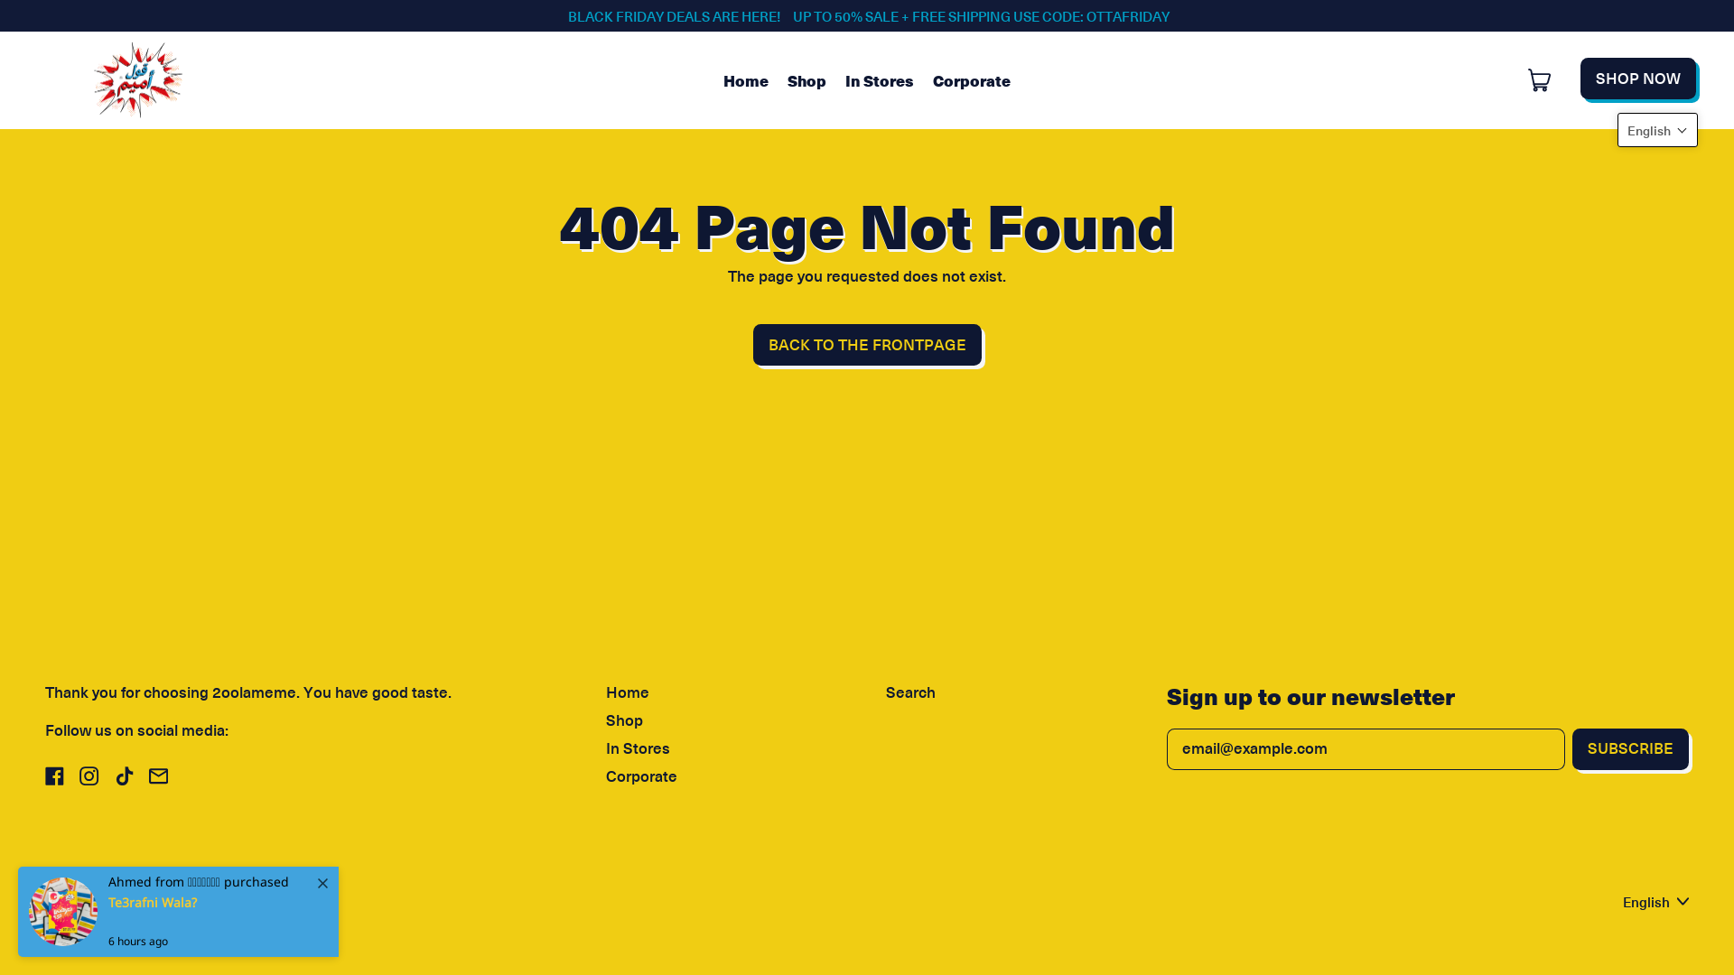 The width and height of the screenshot is (1734, 975). Describe the element at coordinates (880, 79) in the screenshot. I see `'In Stores'` at that location.